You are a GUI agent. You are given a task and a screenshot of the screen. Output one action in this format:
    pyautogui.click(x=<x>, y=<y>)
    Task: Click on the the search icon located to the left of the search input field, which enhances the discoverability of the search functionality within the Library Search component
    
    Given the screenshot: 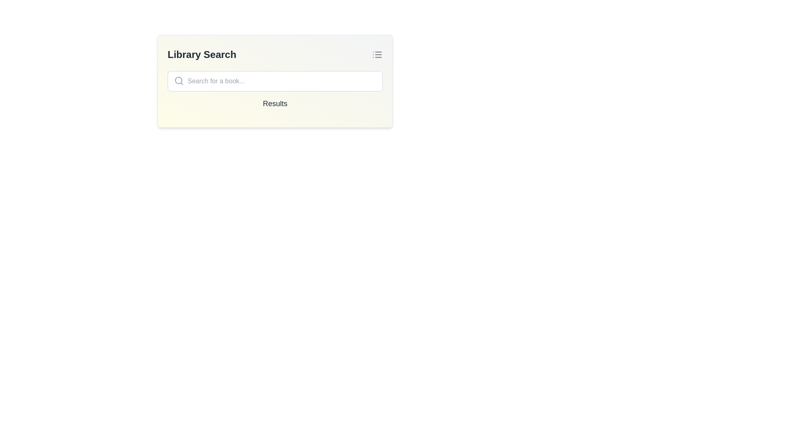 What is the action you would take?
    pyautogui.click(x=178, y=80)
    